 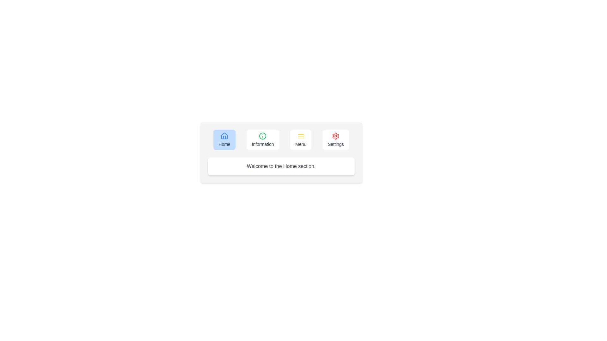 What do you see at coordinates (335, 144) in the screenshot?
I see `the 'Settings' text label, which is styled in gray and located beneath a red settings icon within a white rounded rectangular card in the upper region of the interface` at bounding box center [335, 144].